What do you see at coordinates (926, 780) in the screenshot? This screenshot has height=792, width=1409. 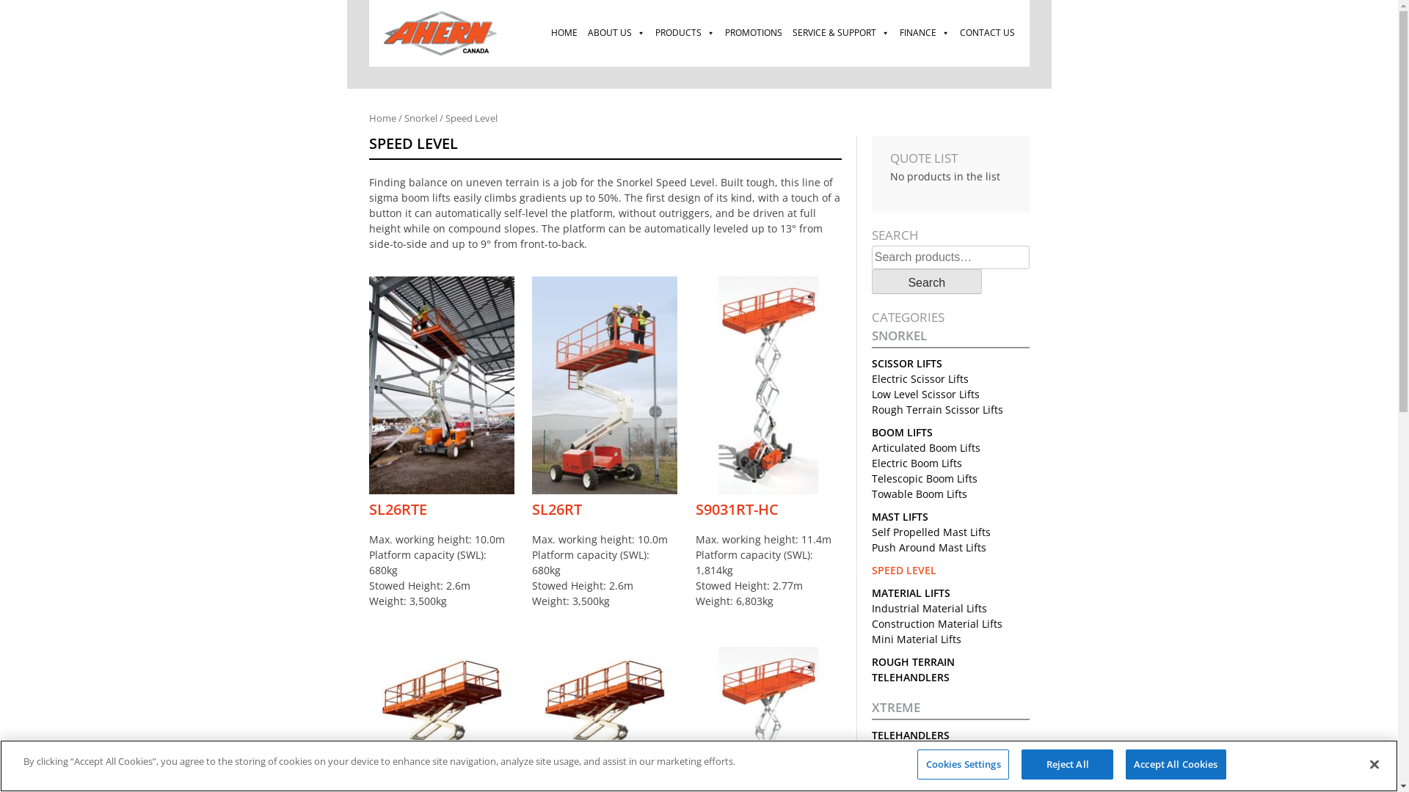 I see `'High Pivot Roller Boom'` at bounding box center [926, 780].